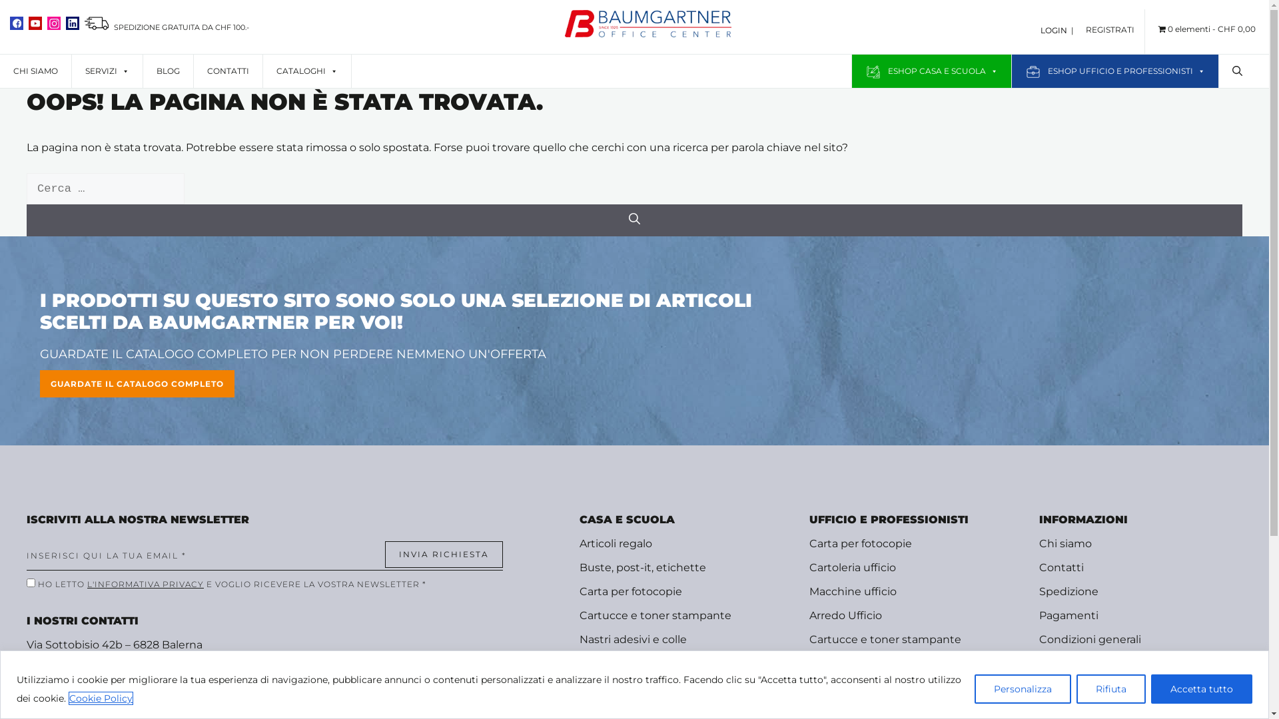 The width and height of the screenshot is (1279, 719). I want to click on ' SPEDIZIONE GRATUITA DA CHF 100.-', so click(166, 27).